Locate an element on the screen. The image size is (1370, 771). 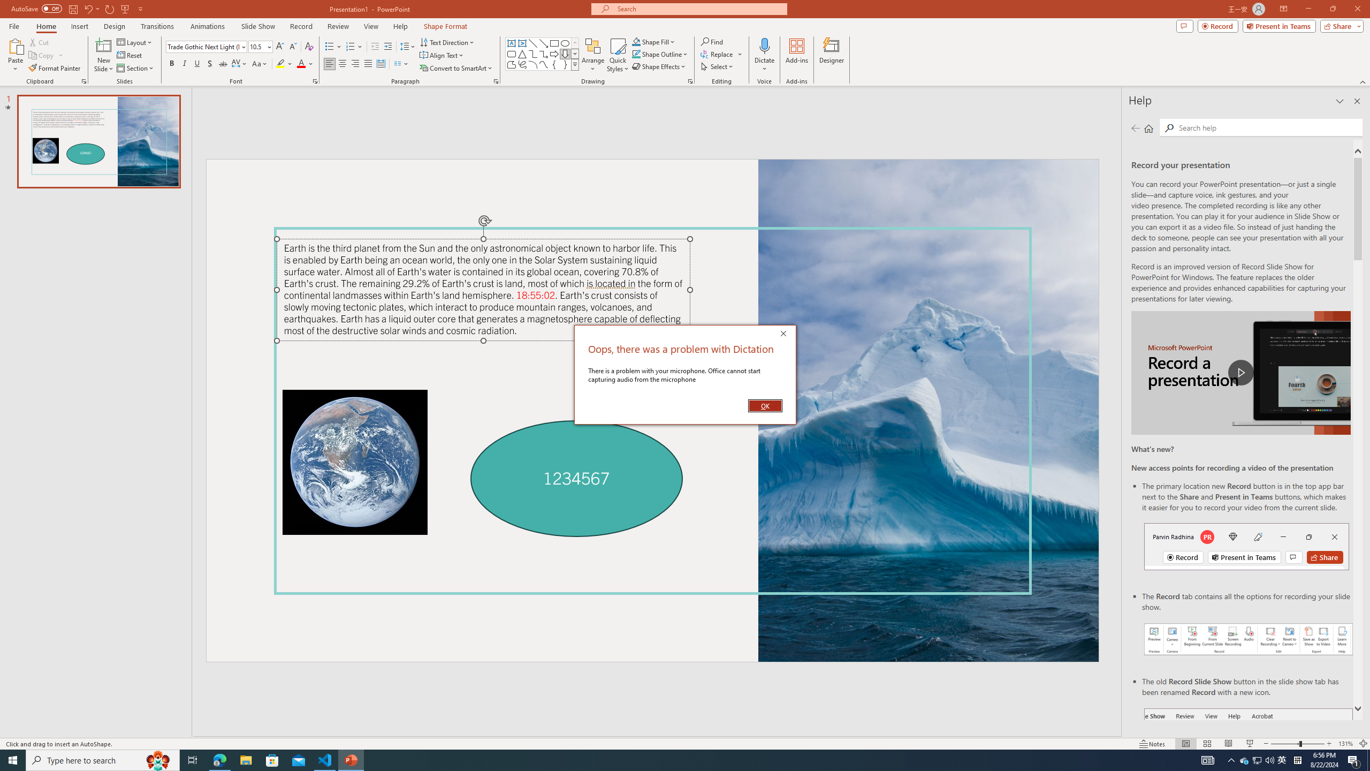
'Q2790: 100%' is located at coordinates (1269, 759).